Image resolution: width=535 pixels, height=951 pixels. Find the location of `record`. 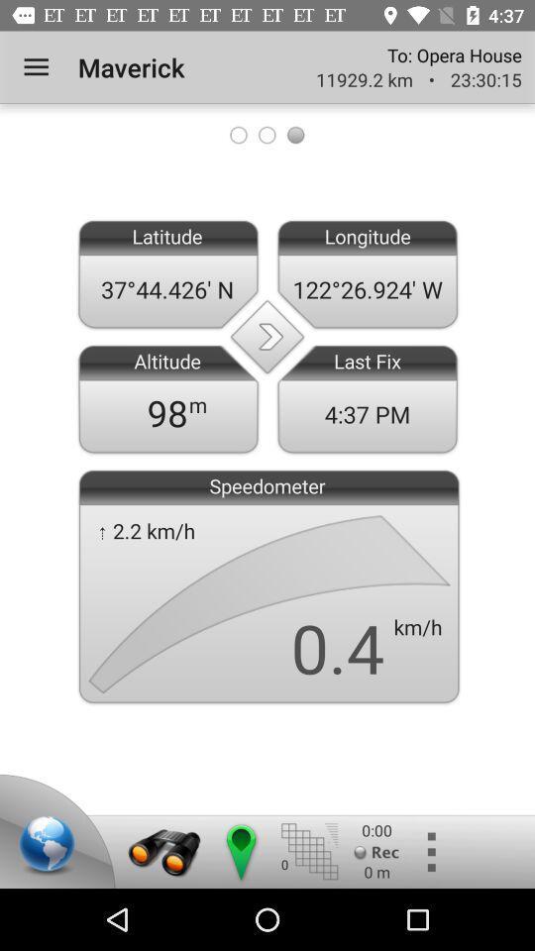

record is located at coordinates (376, 851).